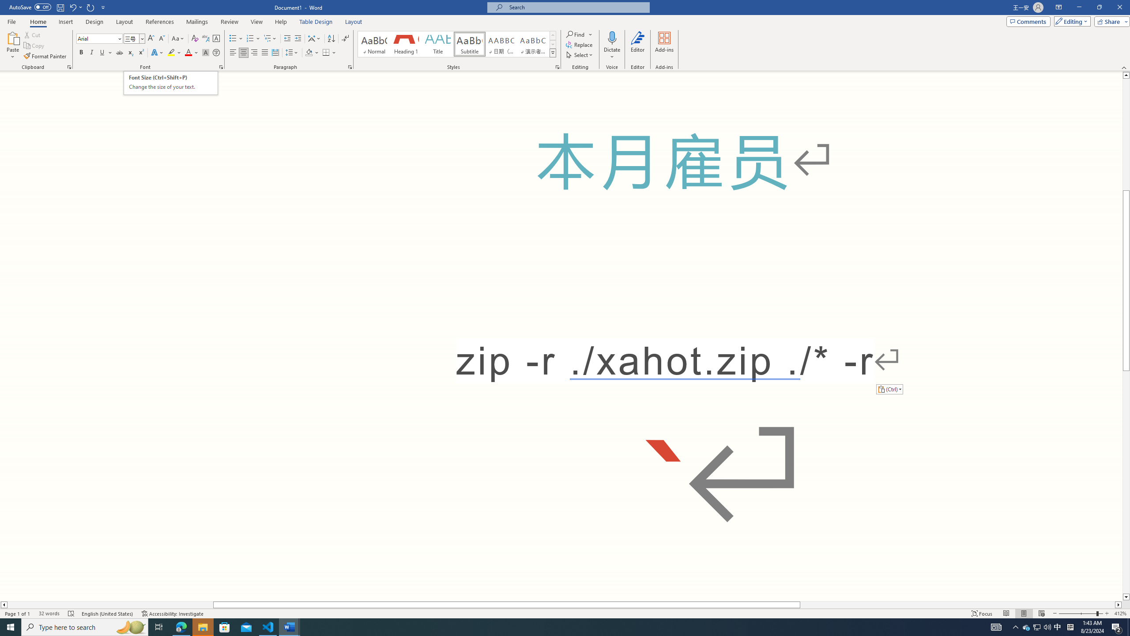 This screenshot has width=1130, height=636. I want to click on 'AutomationID: QuickStylesGallery', so click(457, 44).